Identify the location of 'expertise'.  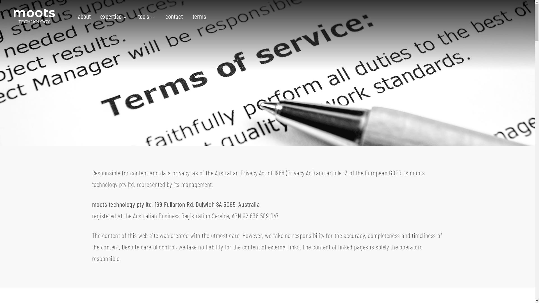
(114, 16).